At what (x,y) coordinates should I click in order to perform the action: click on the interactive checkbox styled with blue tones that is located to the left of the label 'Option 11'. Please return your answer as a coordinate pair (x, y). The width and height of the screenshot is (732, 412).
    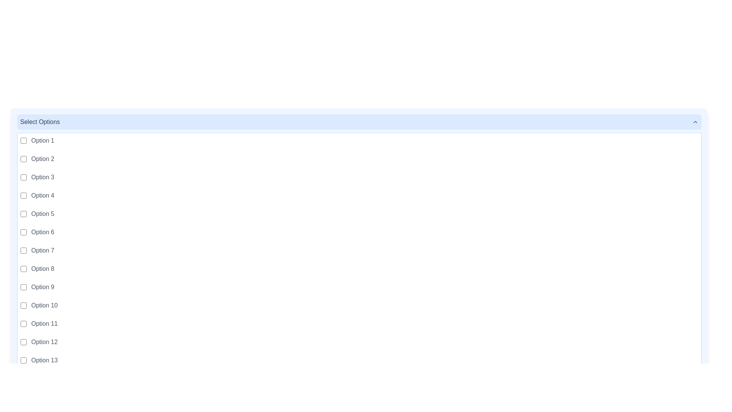
    Looking at the image, I should click on (24, 323).